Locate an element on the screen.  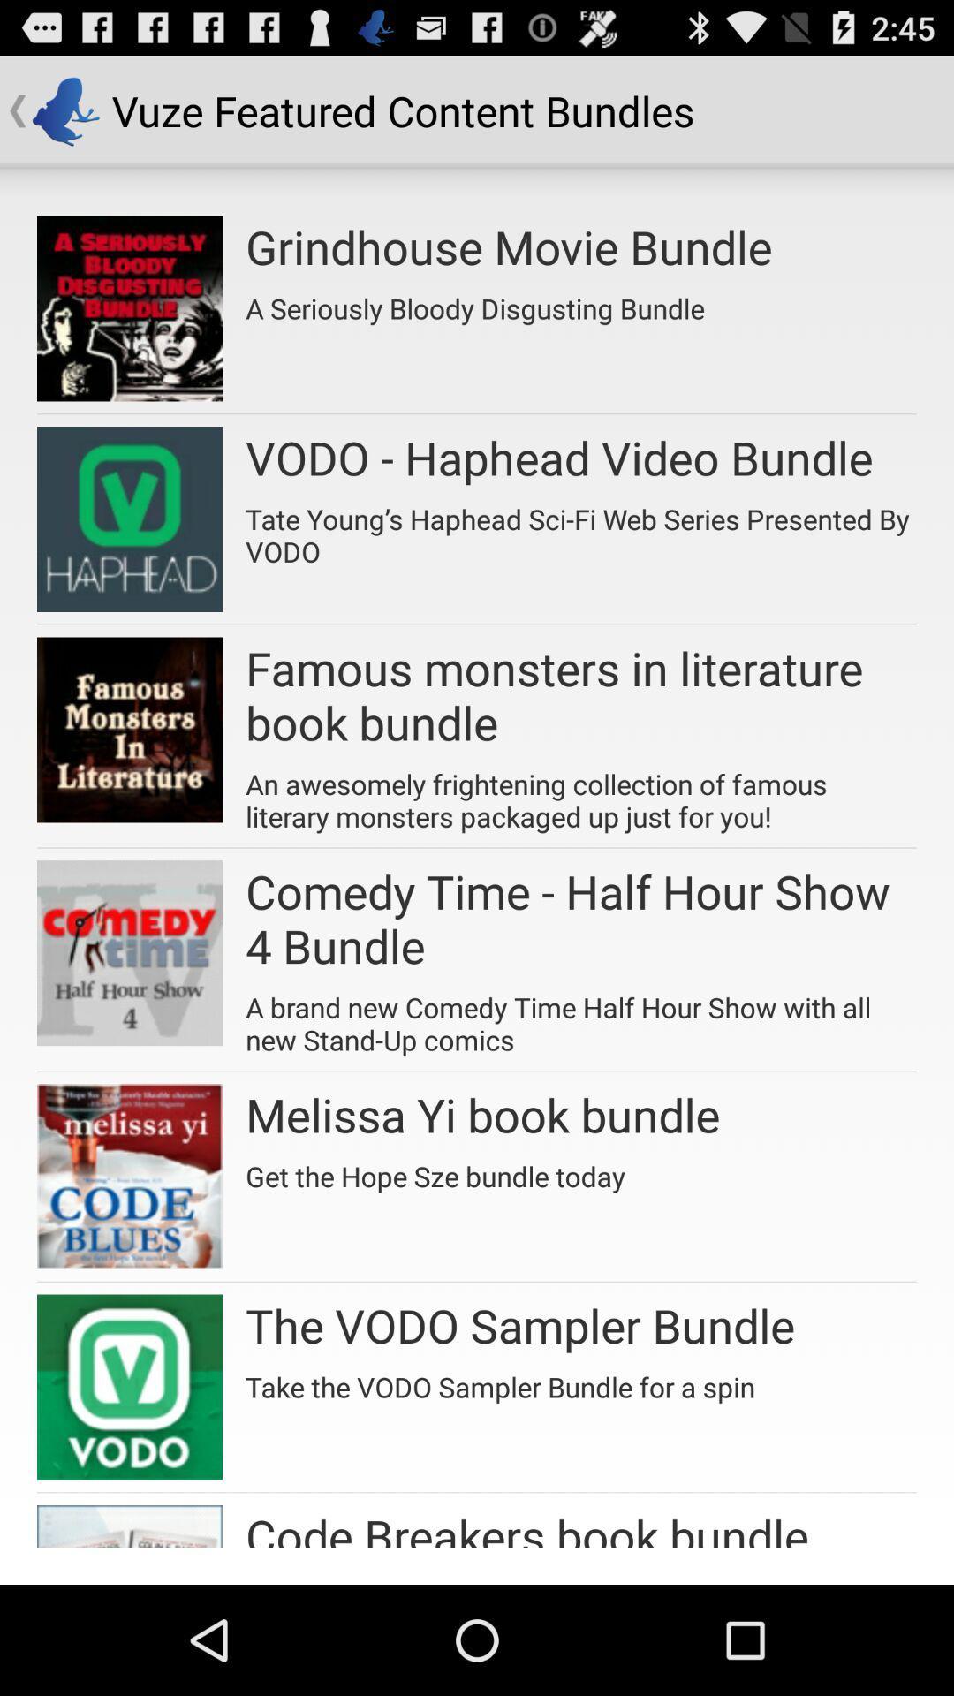
the app below vodo haphead video item is located at coordinates (581, 528).